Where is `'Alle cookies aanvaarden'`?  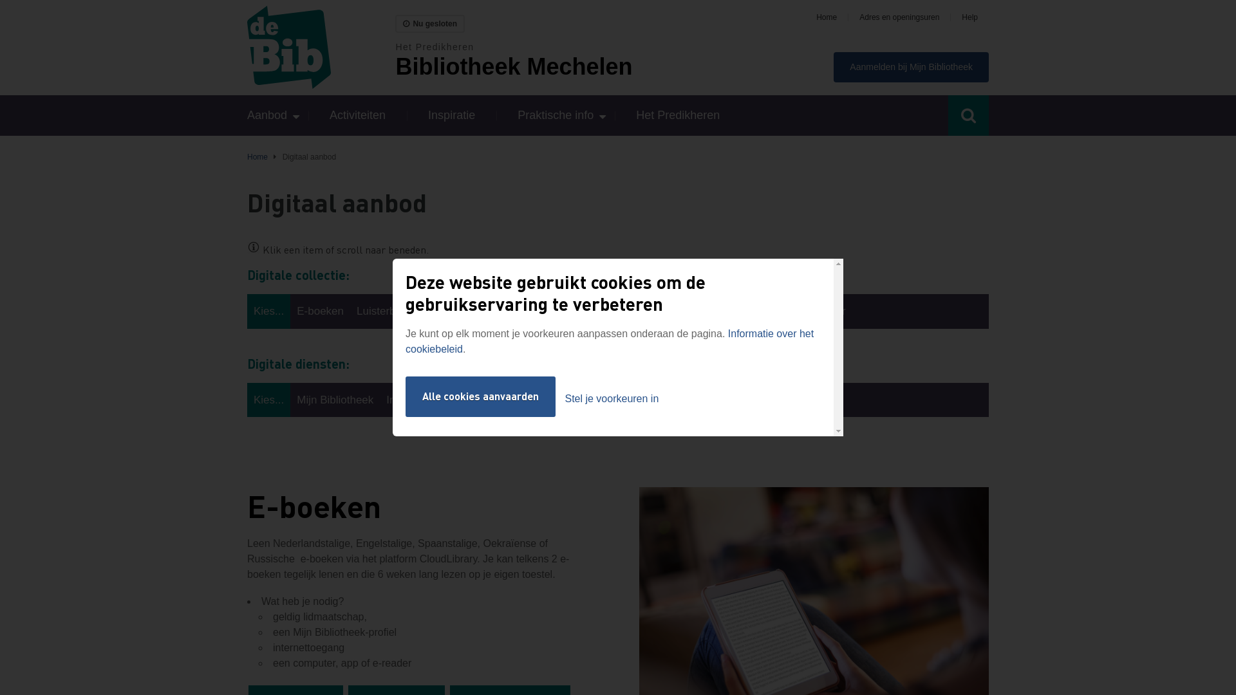 'Alle cookies aanvaarden' is located at coordinates (480, 396).